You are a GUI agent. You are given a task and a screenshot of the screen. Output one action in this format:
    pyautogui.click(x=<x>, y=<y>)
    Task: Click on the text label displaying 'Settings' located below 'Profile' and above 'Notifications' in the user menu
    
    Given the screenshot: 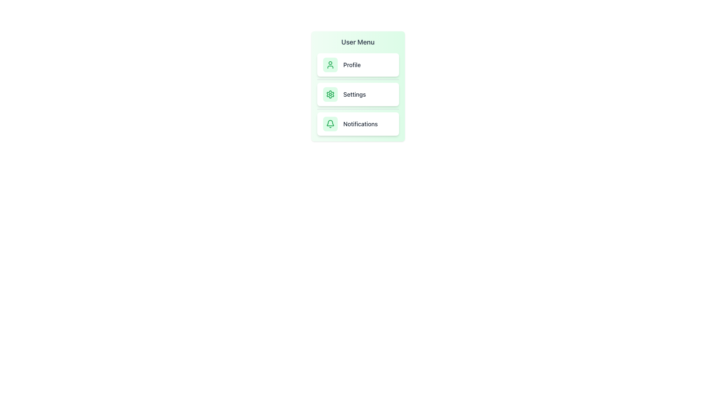 What is the action you would take?
    pyautogui.click(x=355, y=94)
    